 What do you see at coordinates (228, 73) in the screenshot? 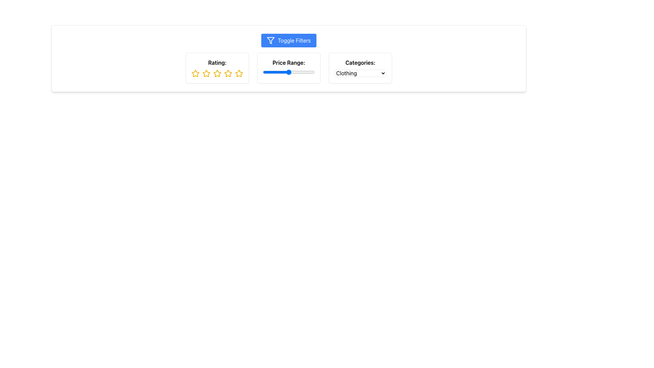
I see `the fourth gold-colored star icon with a hollow center in the 'Rating' section` at bounding box center [228, 73].